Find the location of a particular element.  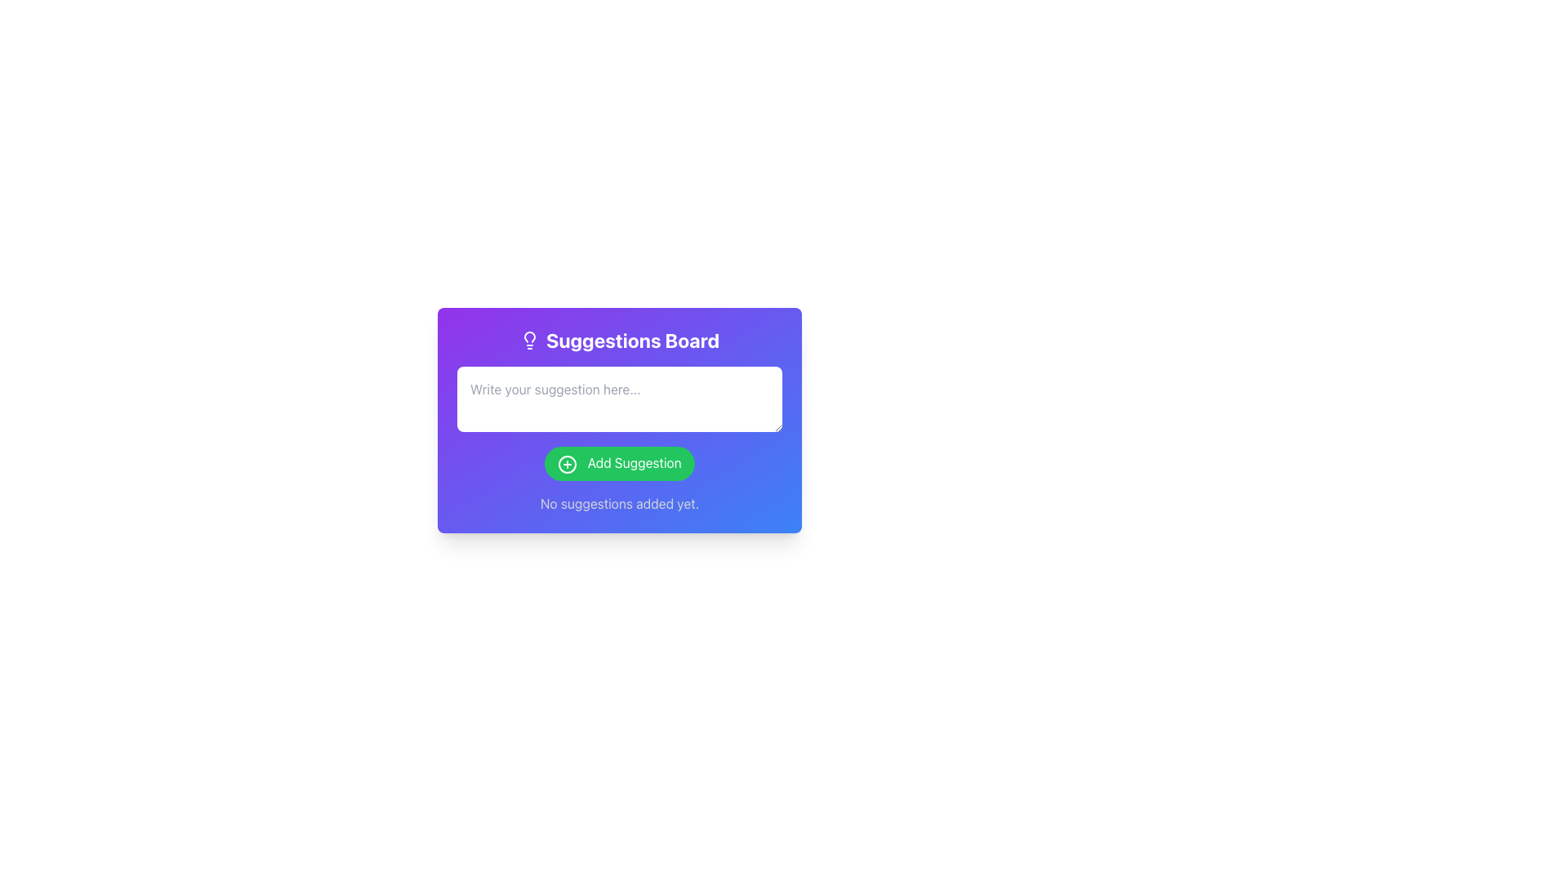

the light bulb icon rendered within an SVG graphic, which is positioned to the left of the text 'Suggestions Board' in the suggestion input UI is located at coordinates (529, 339).